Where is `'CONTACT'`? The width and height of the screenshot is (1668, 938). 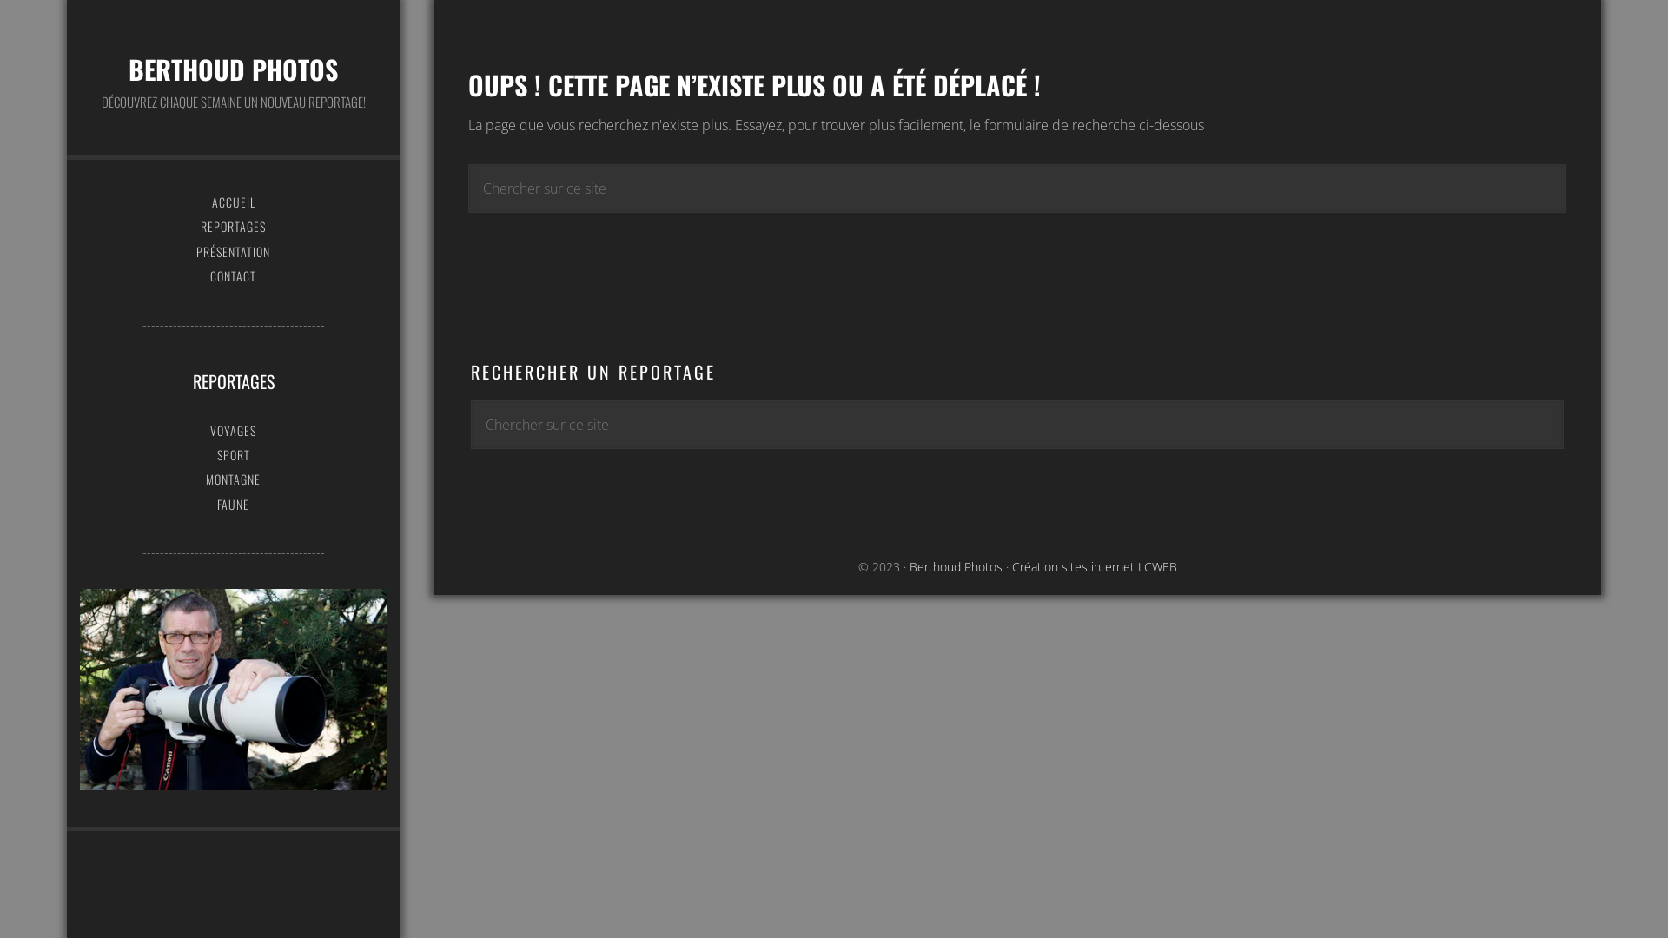
'CONTACT' is located at coordinates (232, 274).